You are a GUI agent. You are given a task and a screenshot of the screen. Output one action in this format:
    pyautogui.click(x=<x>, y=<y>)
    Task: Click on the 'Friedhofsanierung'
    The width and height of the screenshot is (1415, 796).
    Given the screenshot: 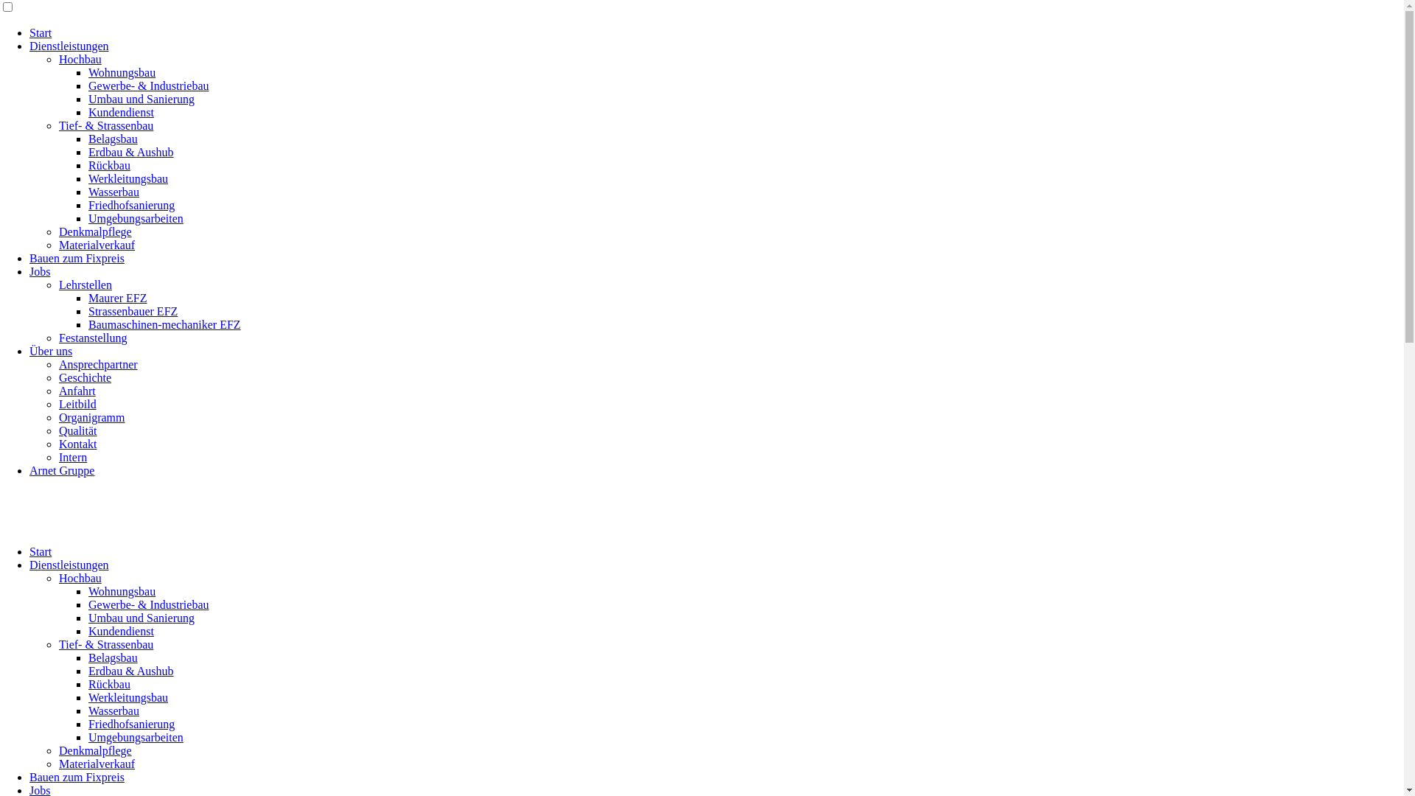 What is the action you would take?
    pyautogui.click(x=131, y=723)
    